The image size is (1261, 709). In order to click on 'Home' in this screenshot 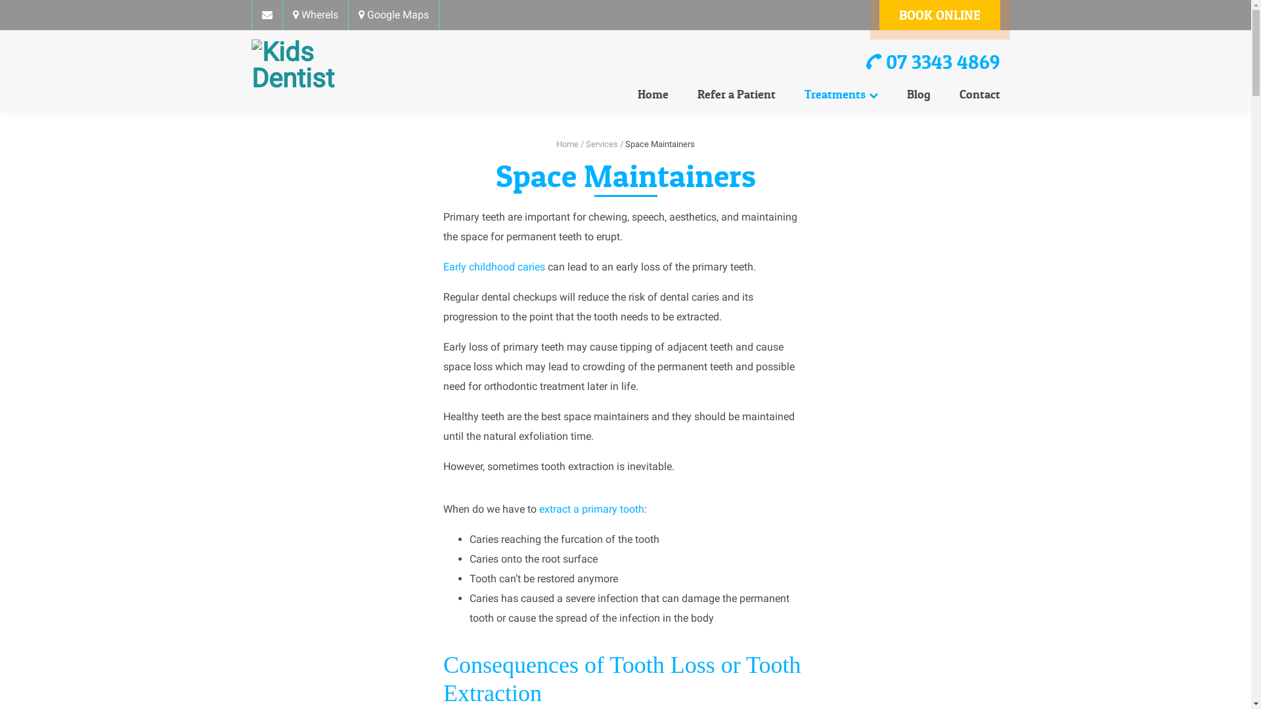, I will do `click(556, 144)`.